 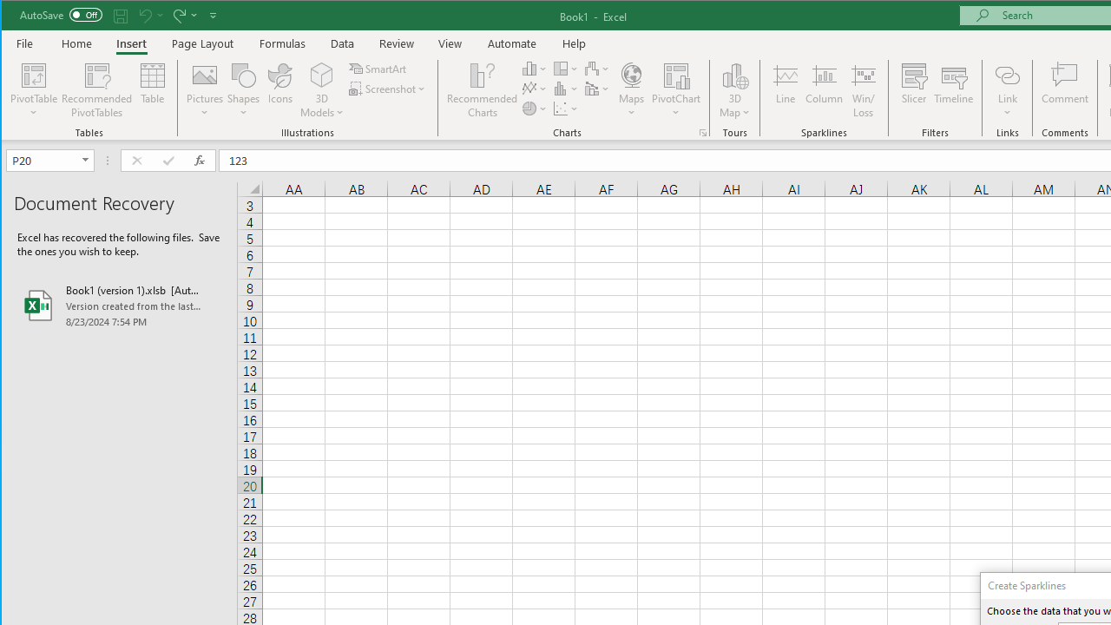 What do you see at coordinates (34, 74) in the screenshot?
I see `'PivotTable'` at bounding box center [34, 74].